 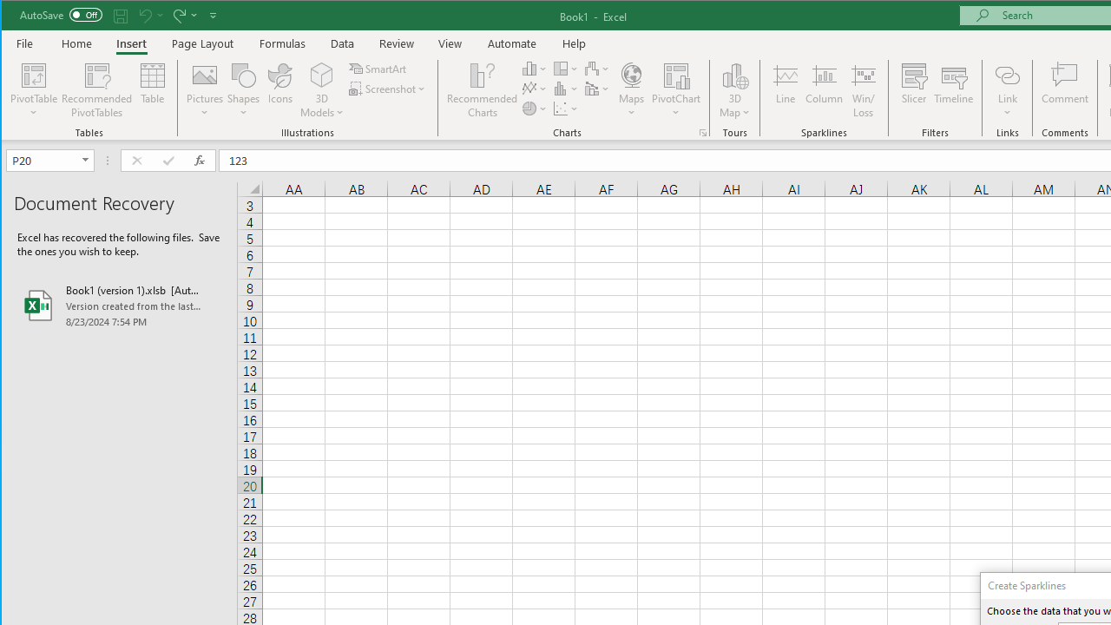 What do you see at coordinates (34, 74) in the screenshot?
I see `'PivotTable'` at bounding box center [34, 74].